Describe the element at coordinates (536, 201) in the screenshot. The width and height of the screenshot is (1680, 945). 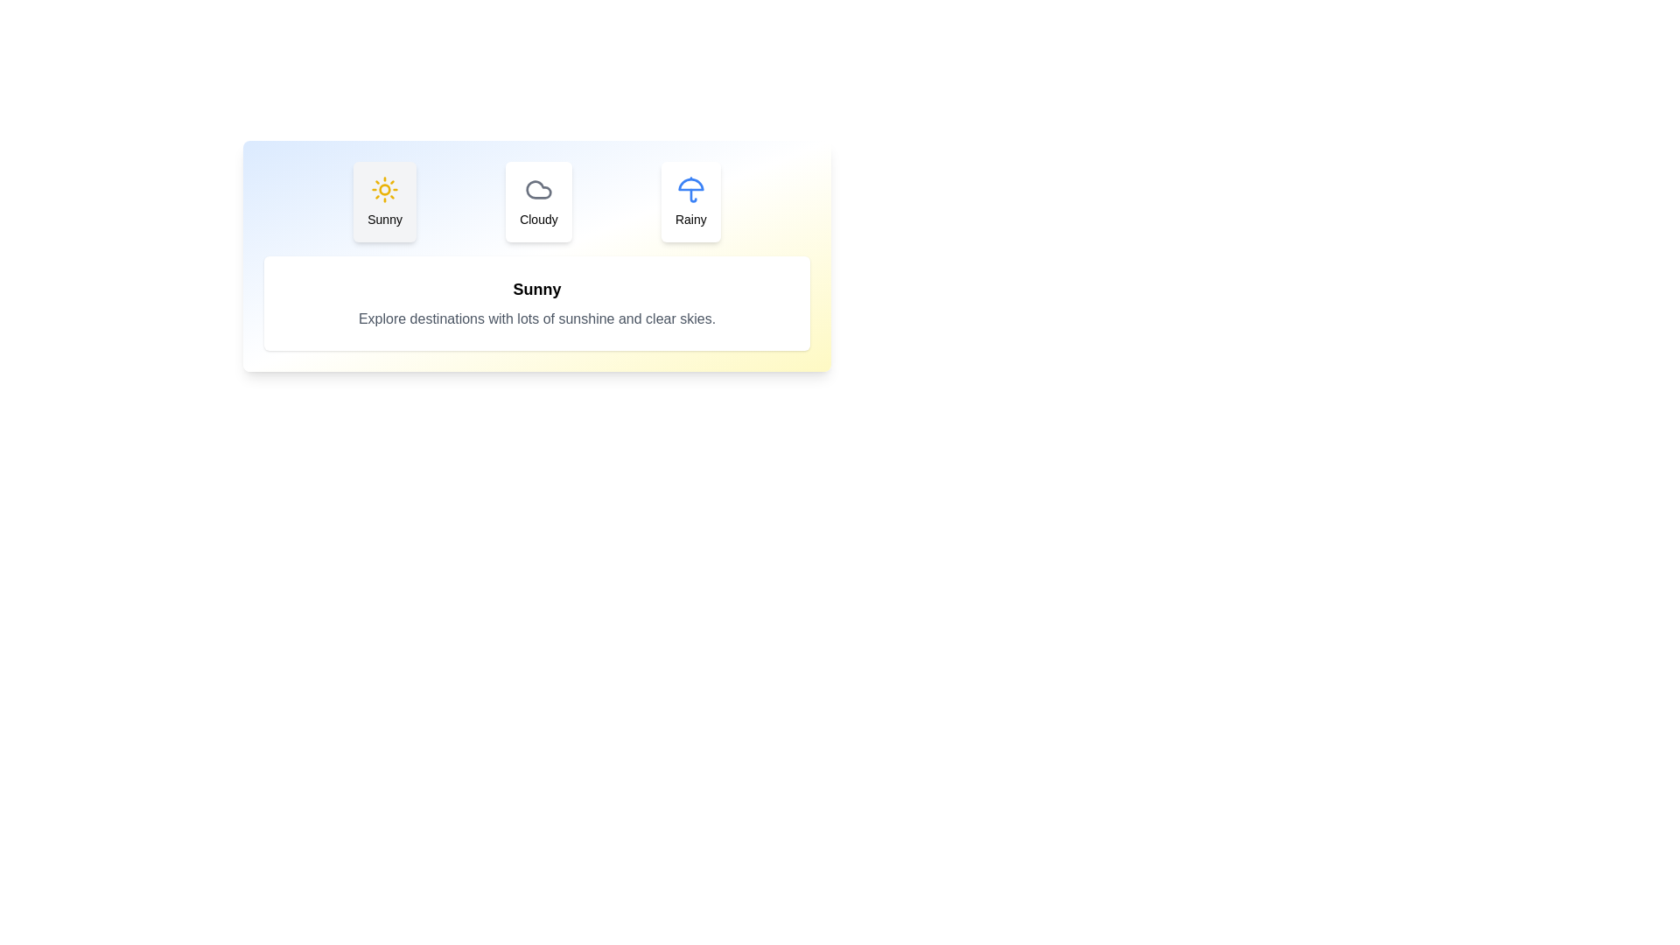
I see `the weather category icon Cloudy` at that location.